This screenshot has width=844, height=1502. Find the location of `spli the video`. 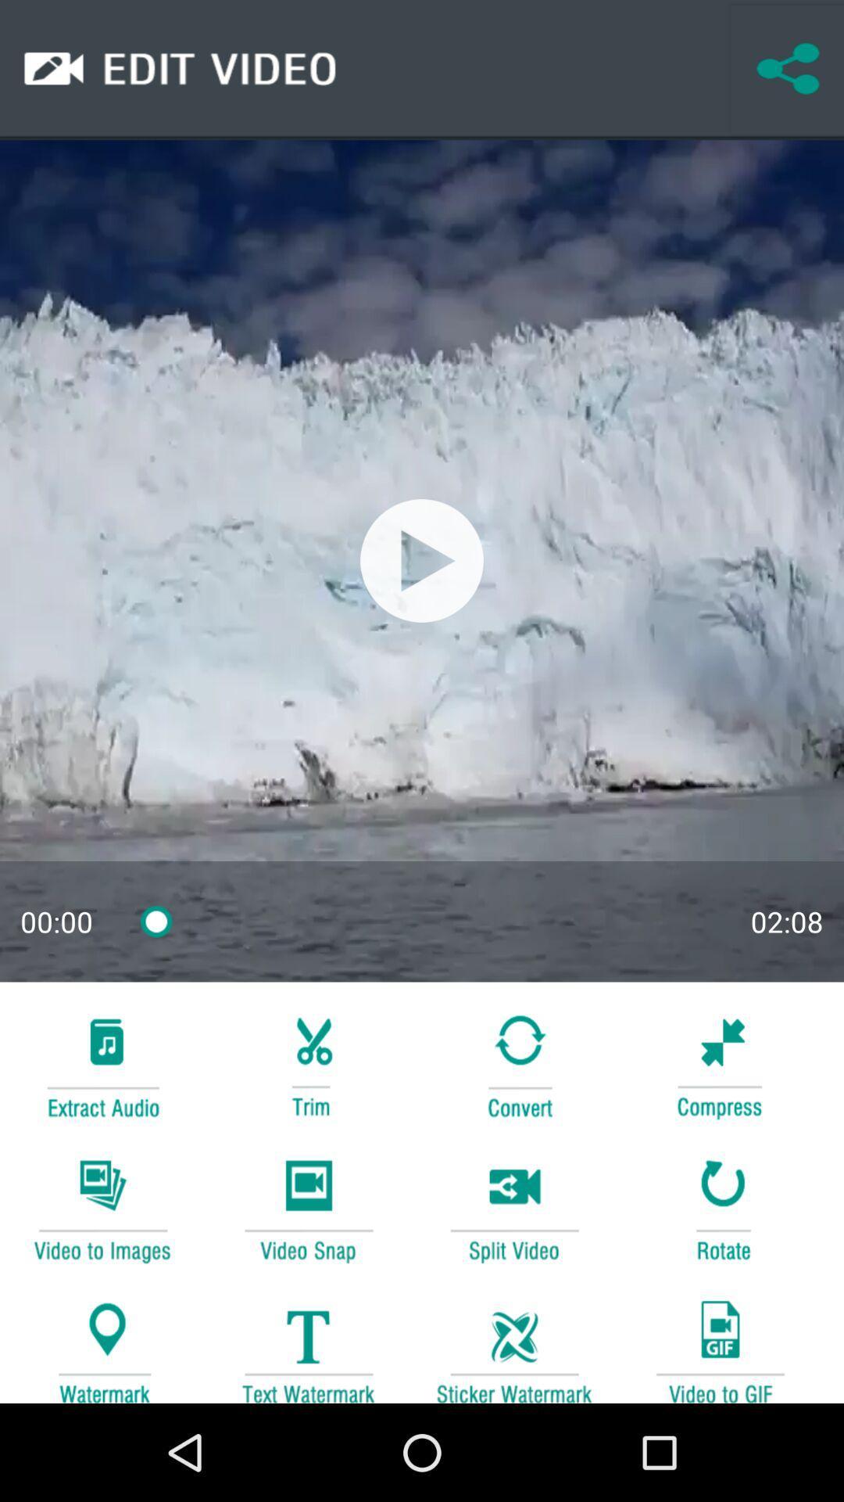

spli the video is located at coordinates (514, 1208).